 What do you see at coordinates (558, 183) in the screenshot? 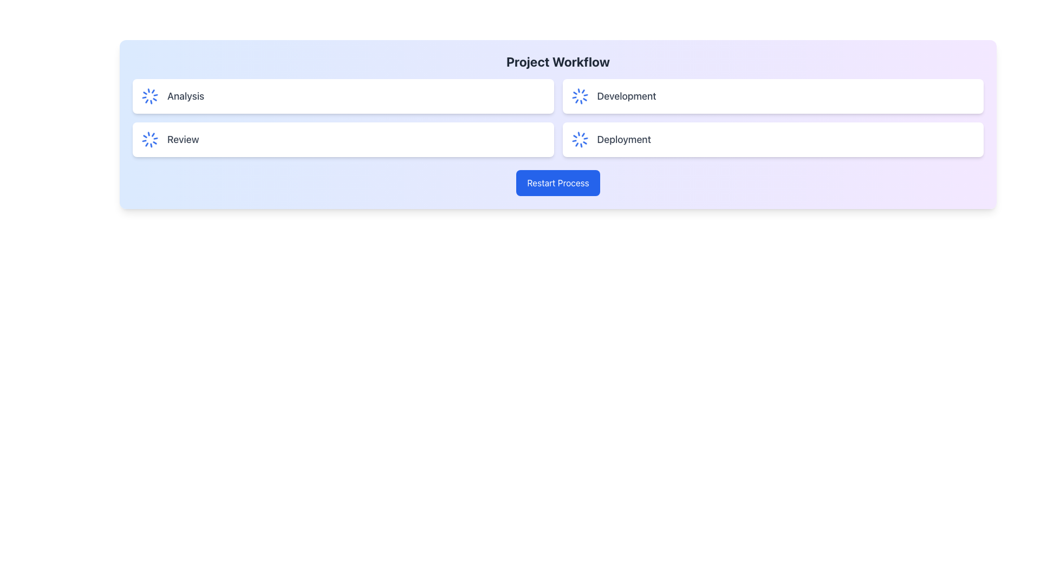
I see `the blue rectangular button labeled 'Restart Process' to initiate the restart process` at bounding box center [558, 183].